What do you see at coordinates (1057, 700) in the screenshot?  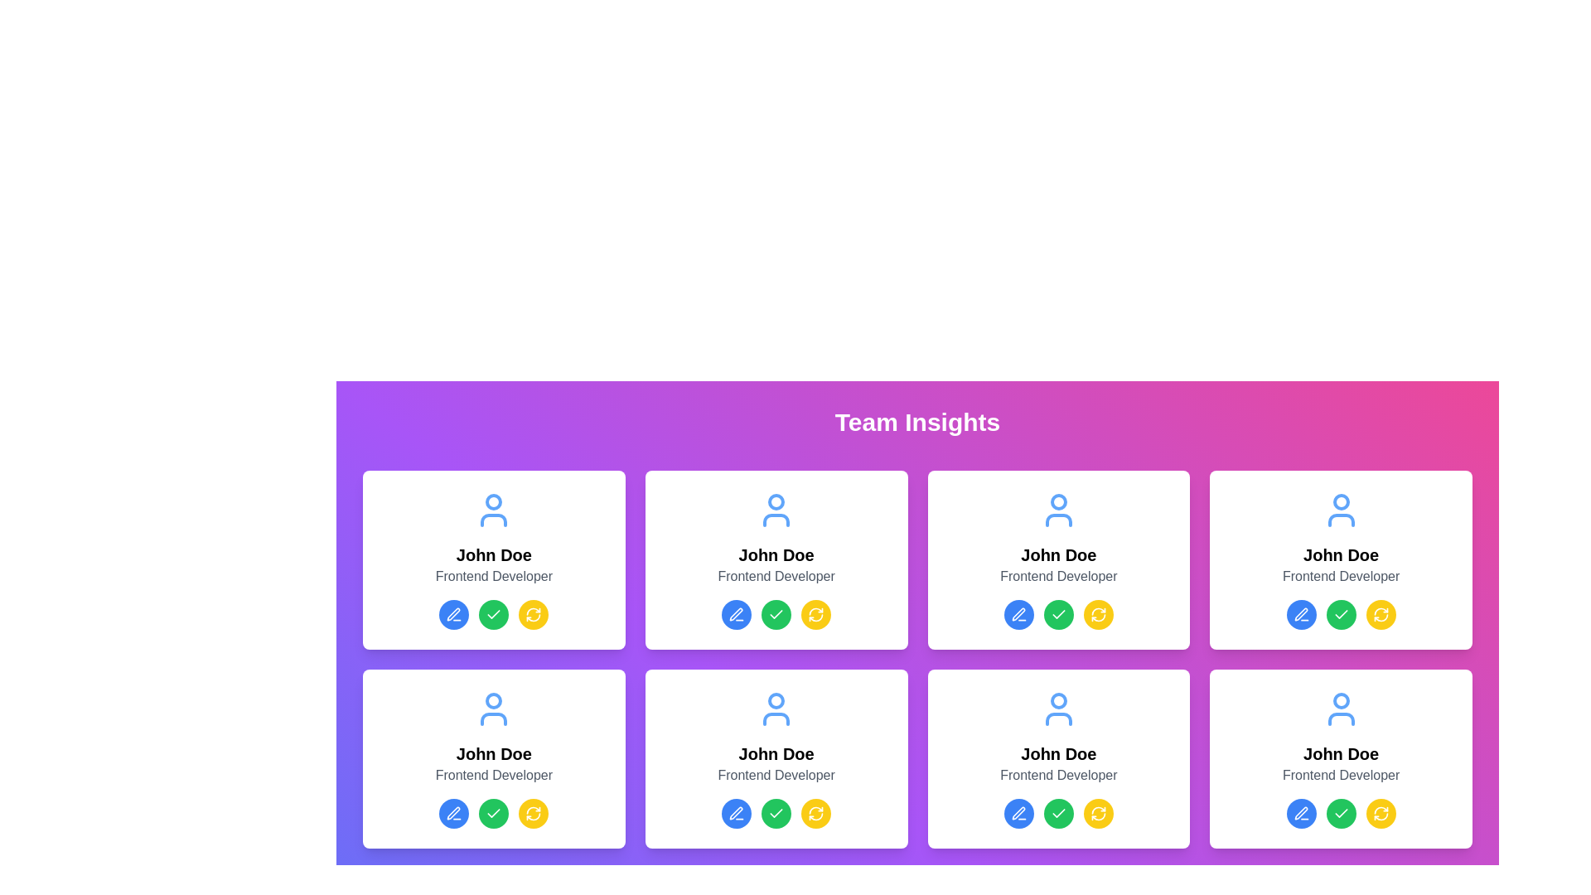 I see `the SVG circle element representing the head of a user icon located in the bottom-right card of the grid layout under 'Team Insights'` at bounding box center [1057, 700].